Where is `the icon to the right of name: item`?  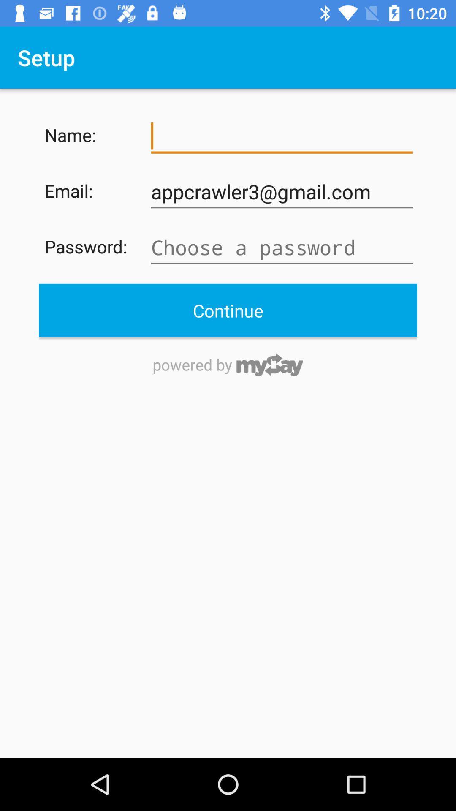
the icon to the right of name: item is located at coordinates (282, 136).